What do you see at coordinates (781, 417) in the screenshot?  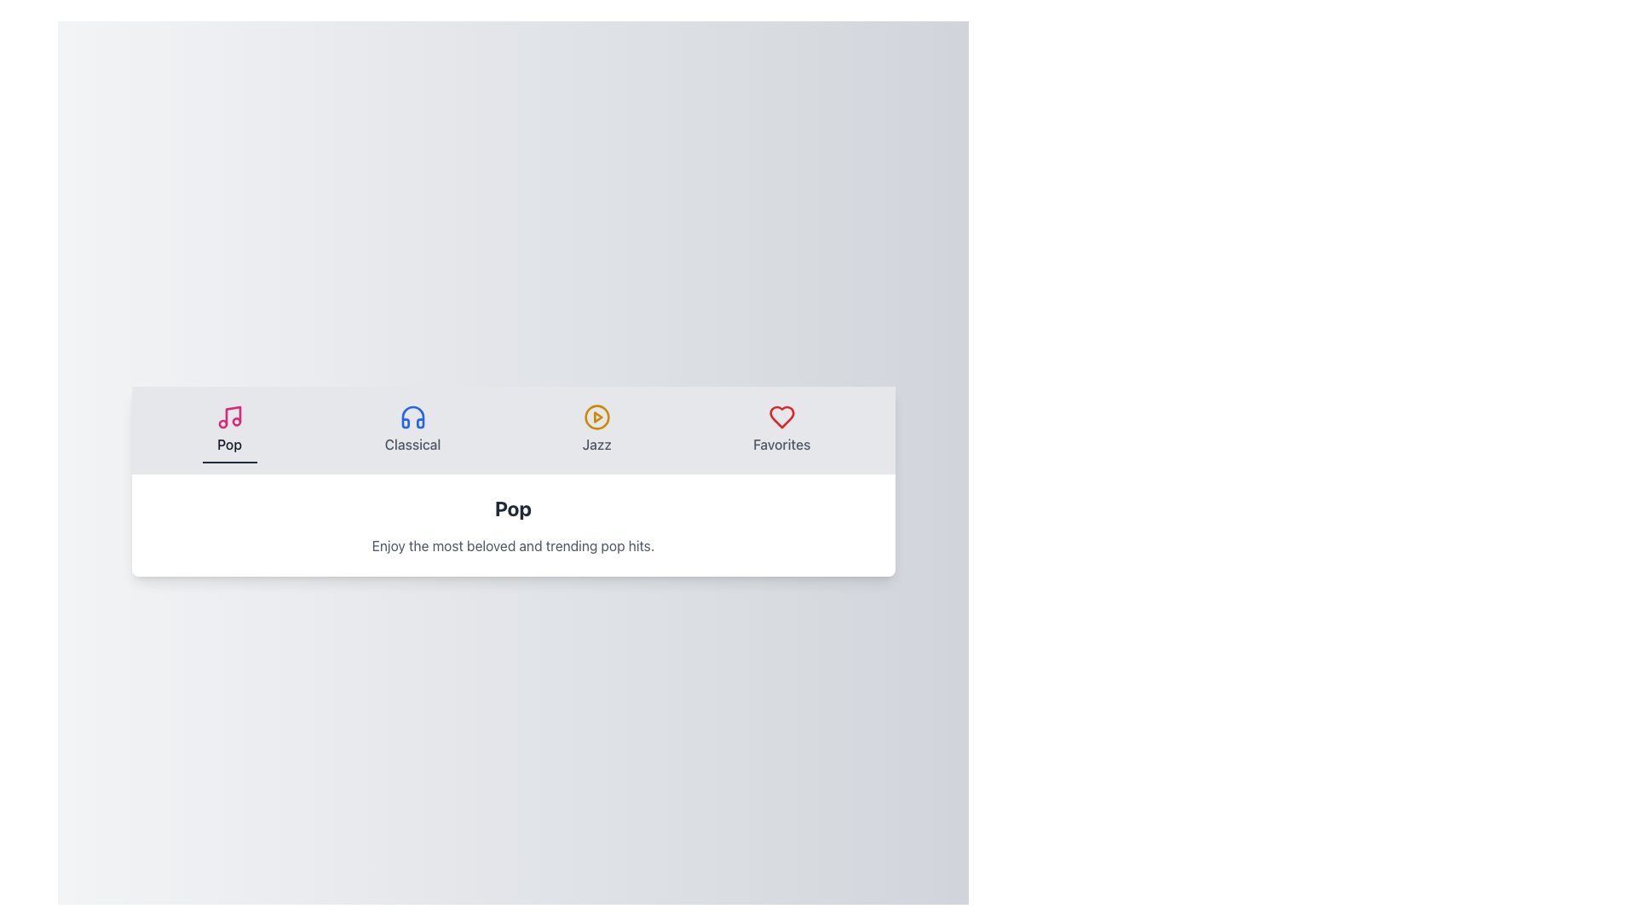 I see `the heart icon representing the 'Favorites' feature on the navigation bar` at bounding box center [781, 417].